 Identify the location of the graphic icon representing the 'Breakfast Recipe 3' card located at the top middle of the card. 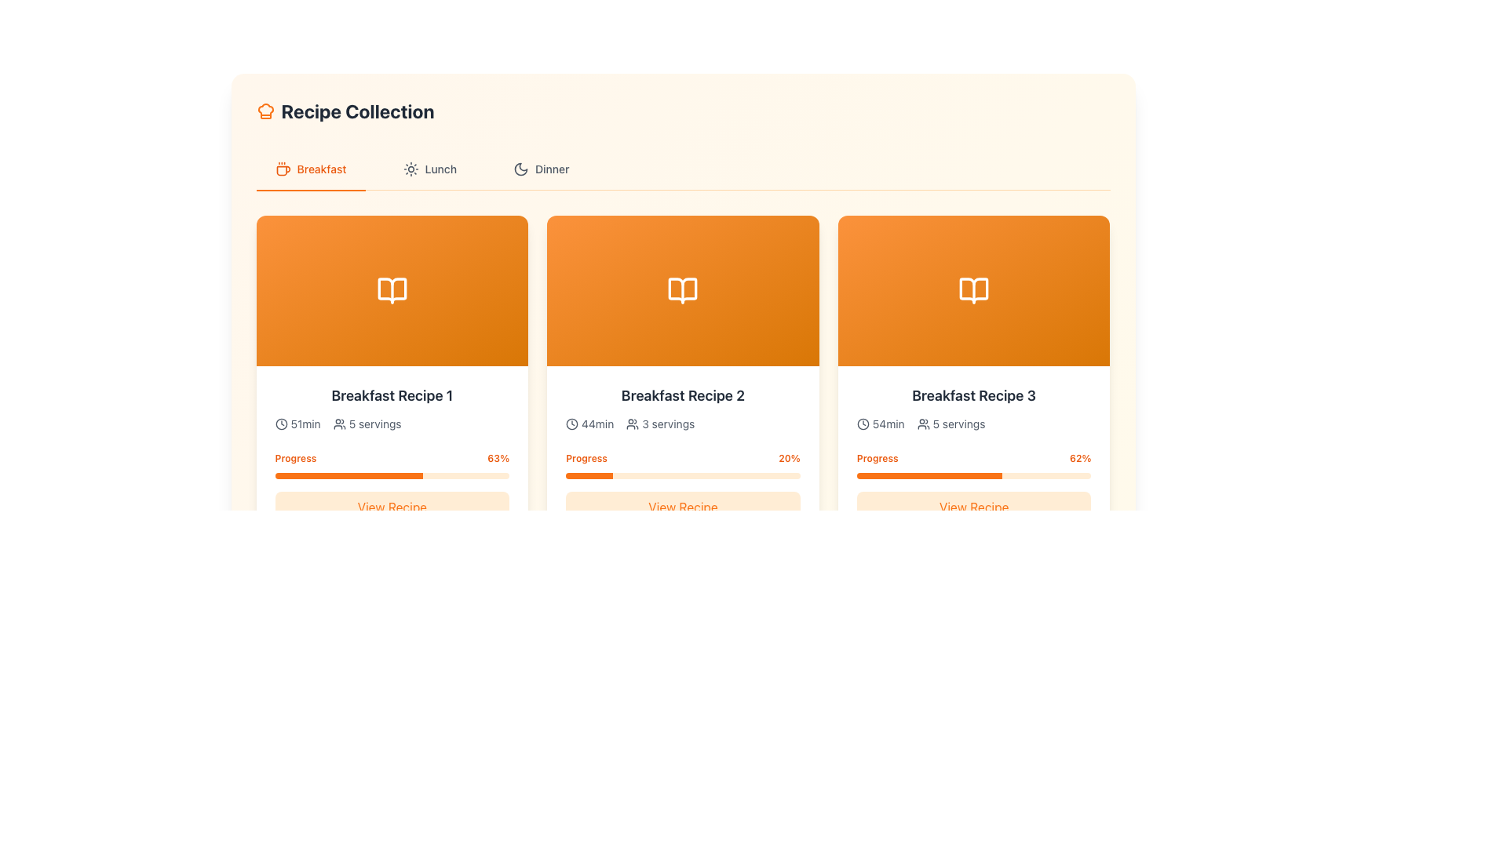
(973, 290).